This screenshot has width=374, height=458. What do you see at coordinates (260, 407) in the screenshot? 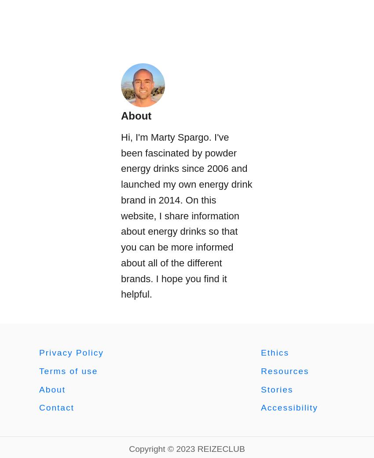
I see `'Accessibility'` at bounding box center [260, 407].